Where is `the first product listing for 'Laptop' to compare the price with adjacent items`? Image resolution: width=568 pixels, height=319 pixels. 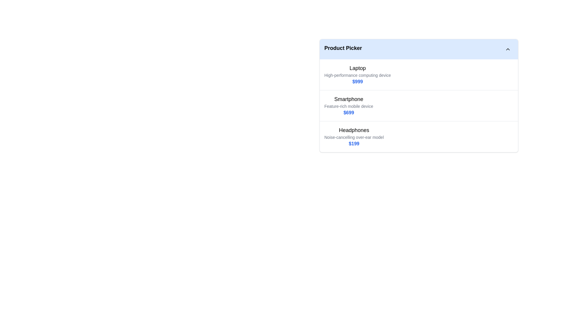
the first product listing for 'Laptop' to compare the price with adjacent items is located at coordinates (357, 74).